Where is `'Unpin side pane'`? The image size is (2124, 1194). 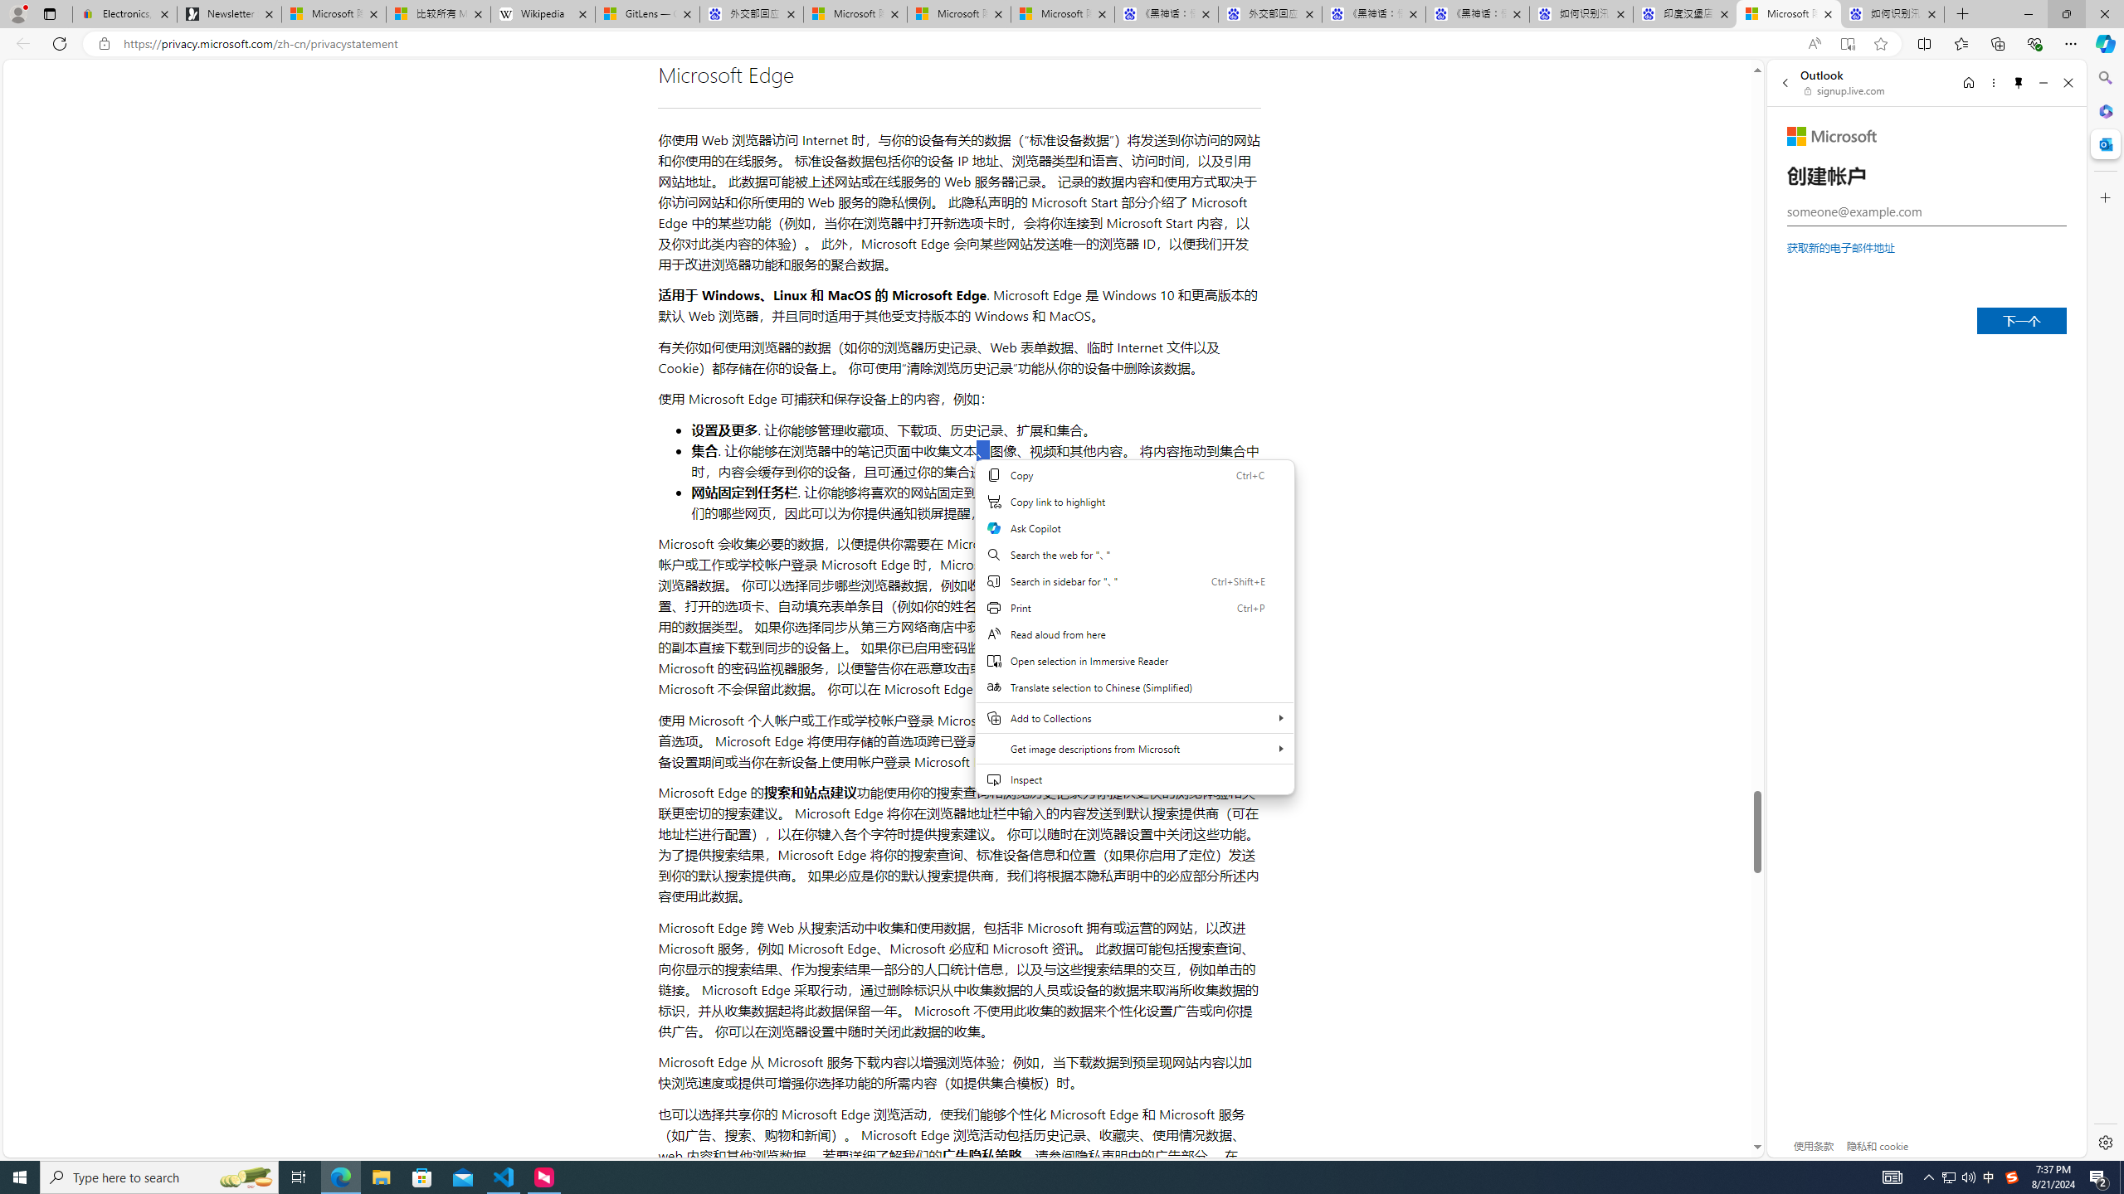 'Unpin side pane' is located at coordinates (2019, 82).